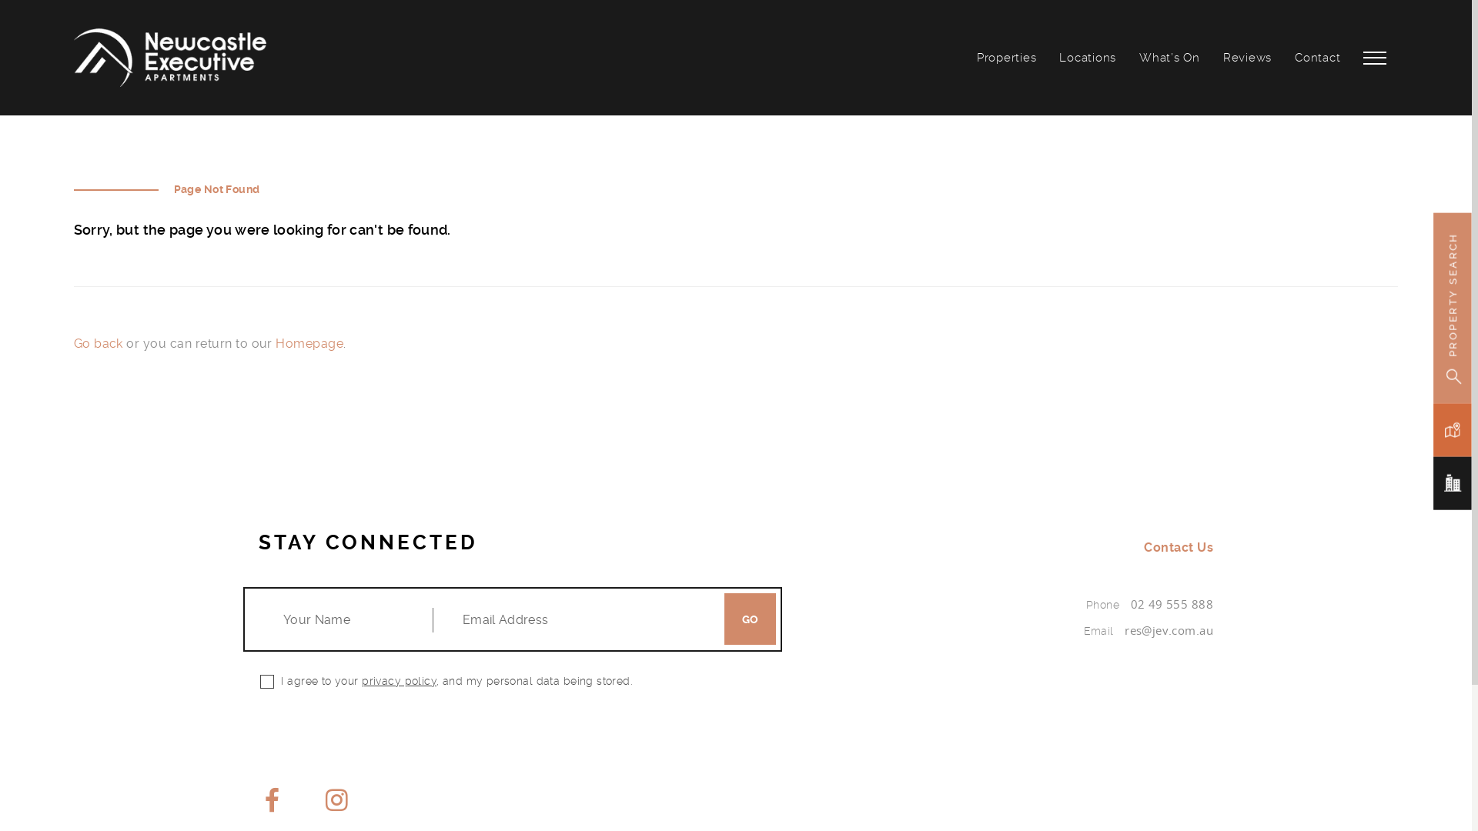 This screenshot has width=1478, height=831. I want to click on 'Reviews', so click(1247, 56).